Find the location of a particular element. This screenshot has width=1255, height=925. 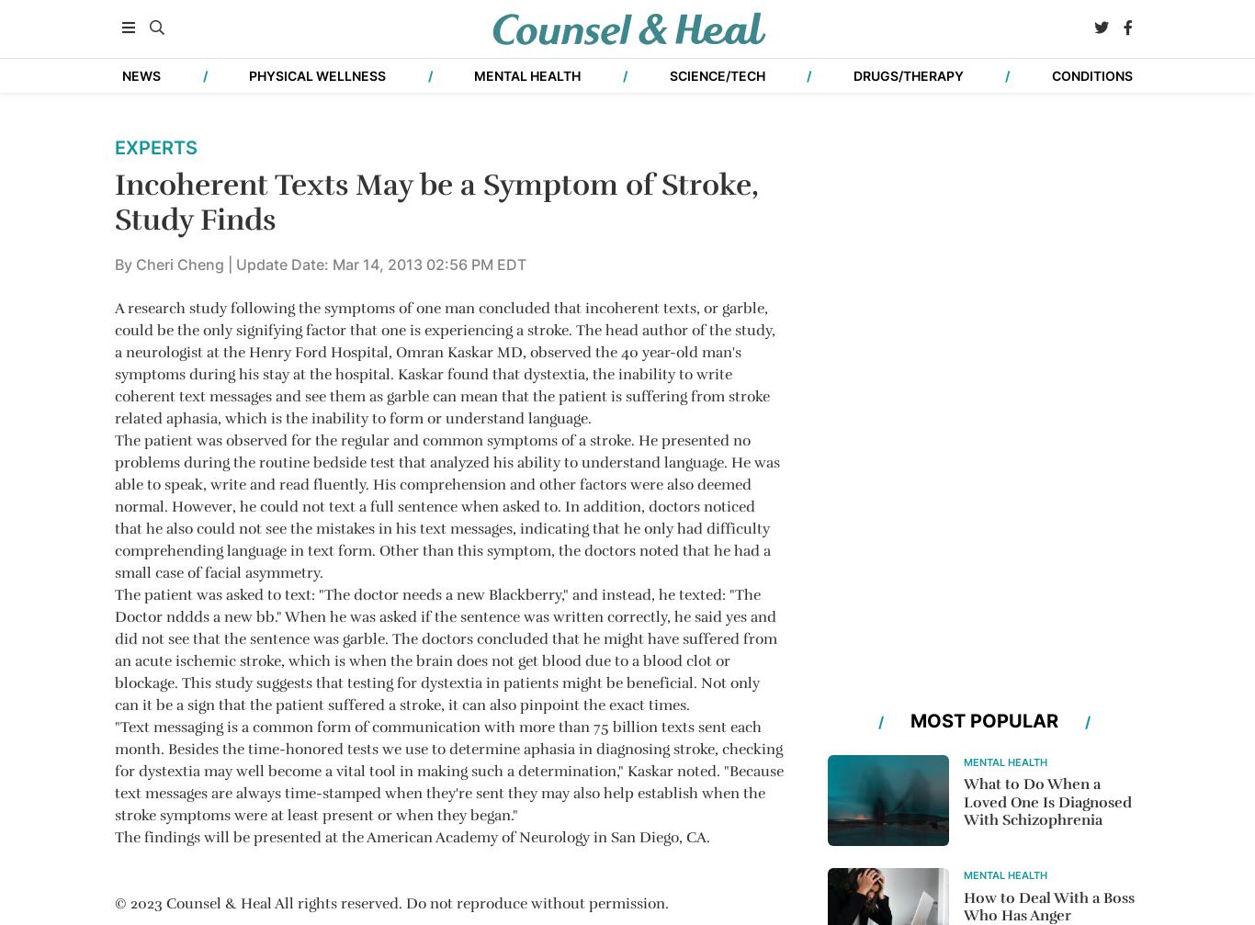

'Scientists Develop Blood Test for Mental Health Issues' is located at coordinates (266, 389).